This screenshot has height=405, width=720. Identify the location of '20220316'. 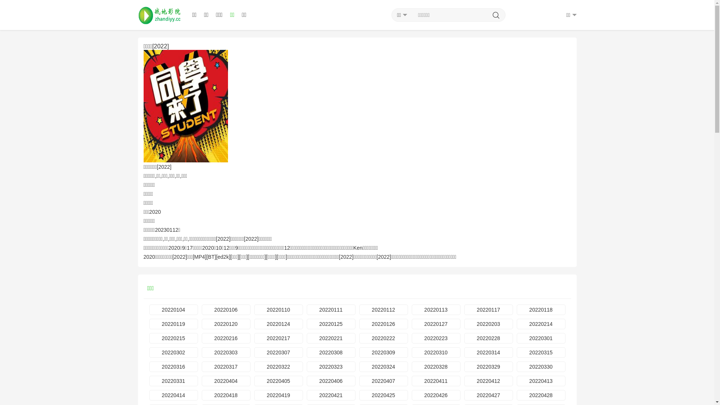
(173, 366).